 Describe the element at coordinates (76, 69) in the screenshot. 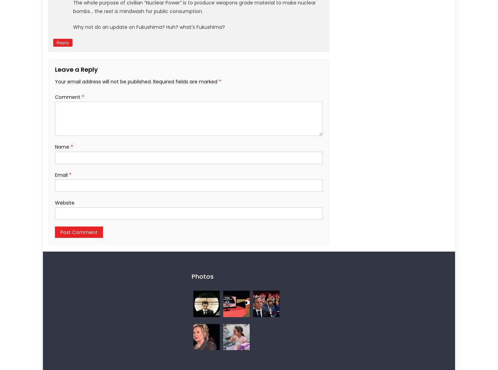

I see `'Leave a Reply'` at that location.